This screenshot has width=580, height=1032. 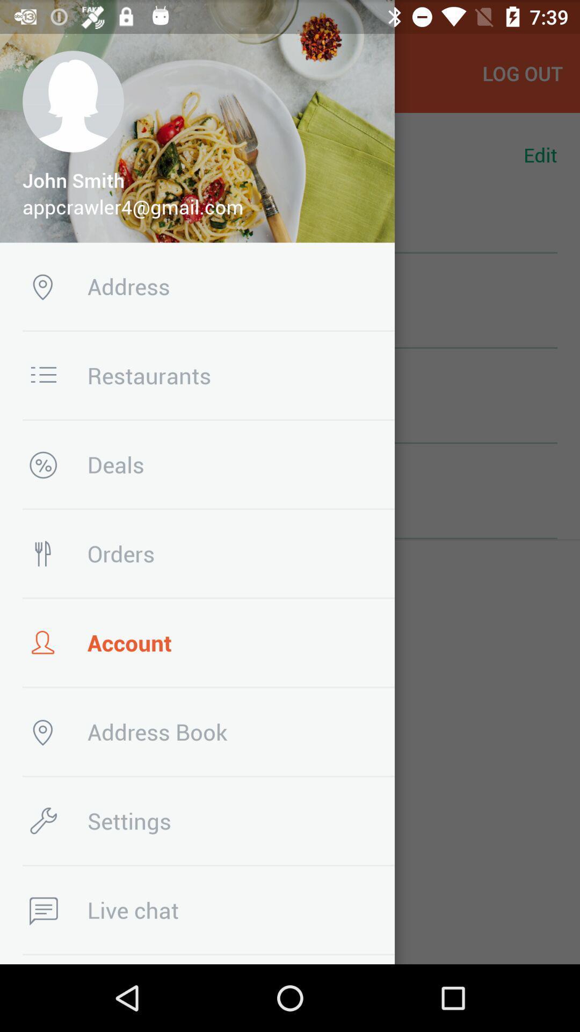 What do you see at coordinates (290, 306) in the screenshot?
I see `the row above the restaurants` at bounding box center [290, 306].